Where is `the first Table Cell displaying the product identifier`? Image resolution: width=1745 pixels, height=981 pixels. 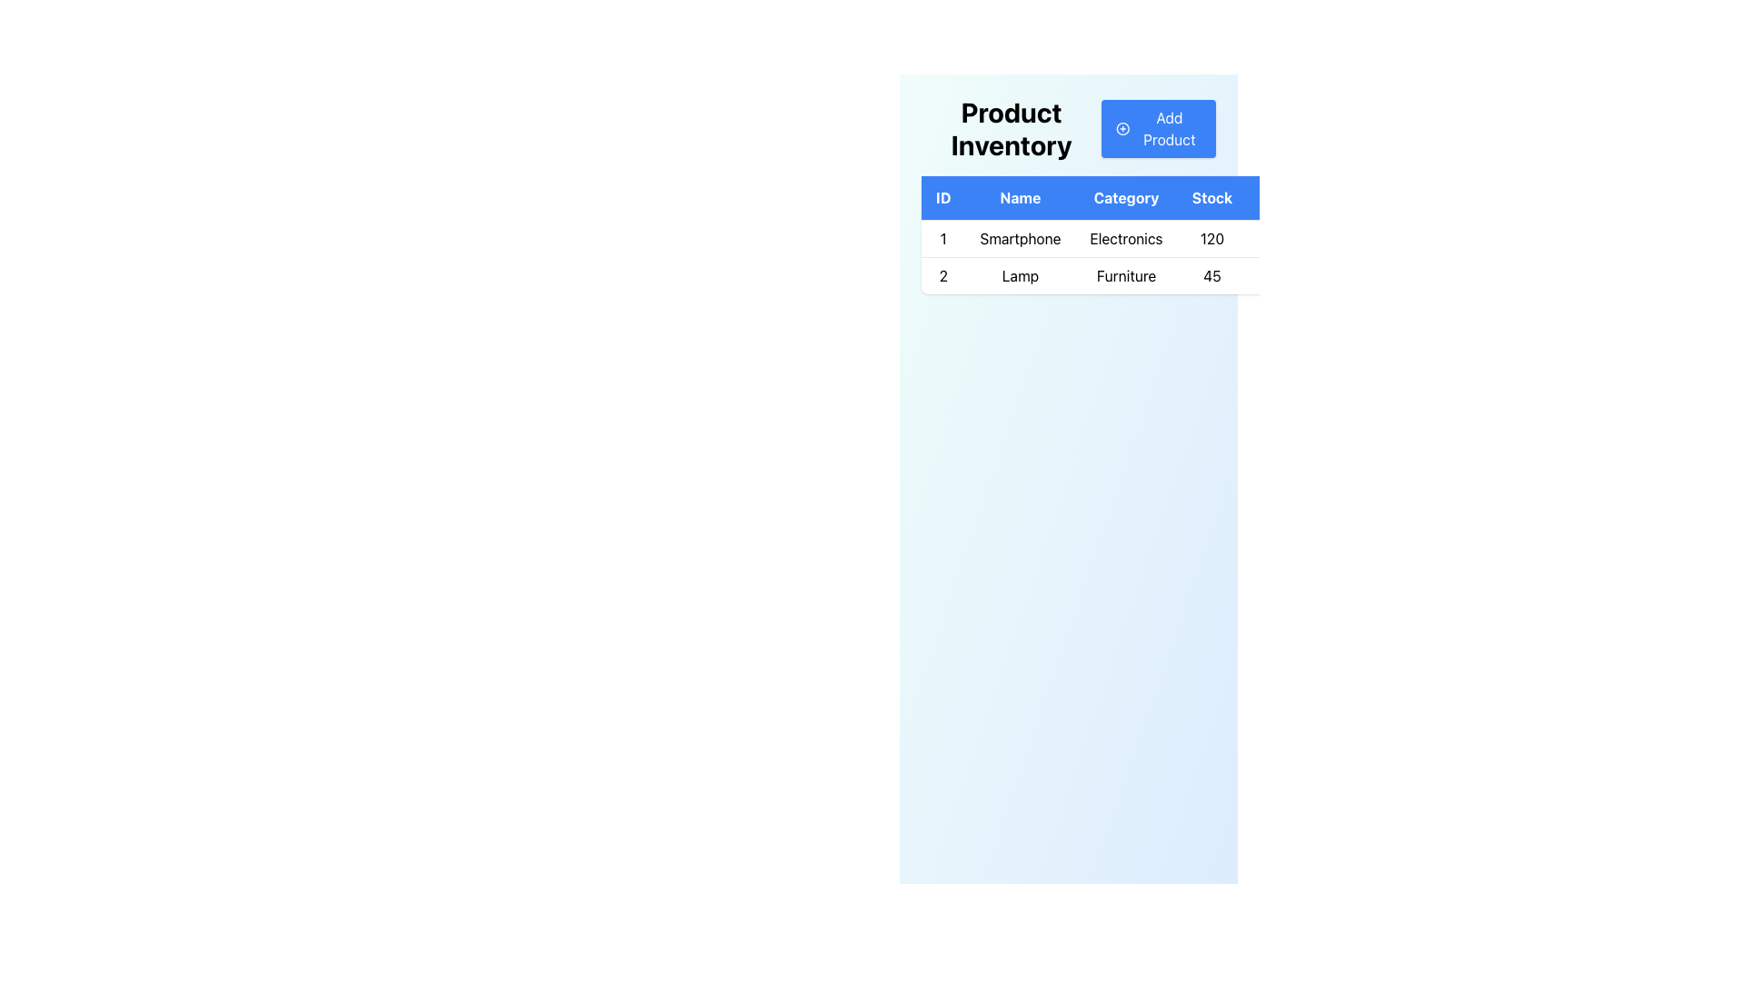 the first Table Cell displaying the product identifier is located at coordinates (942, 275).